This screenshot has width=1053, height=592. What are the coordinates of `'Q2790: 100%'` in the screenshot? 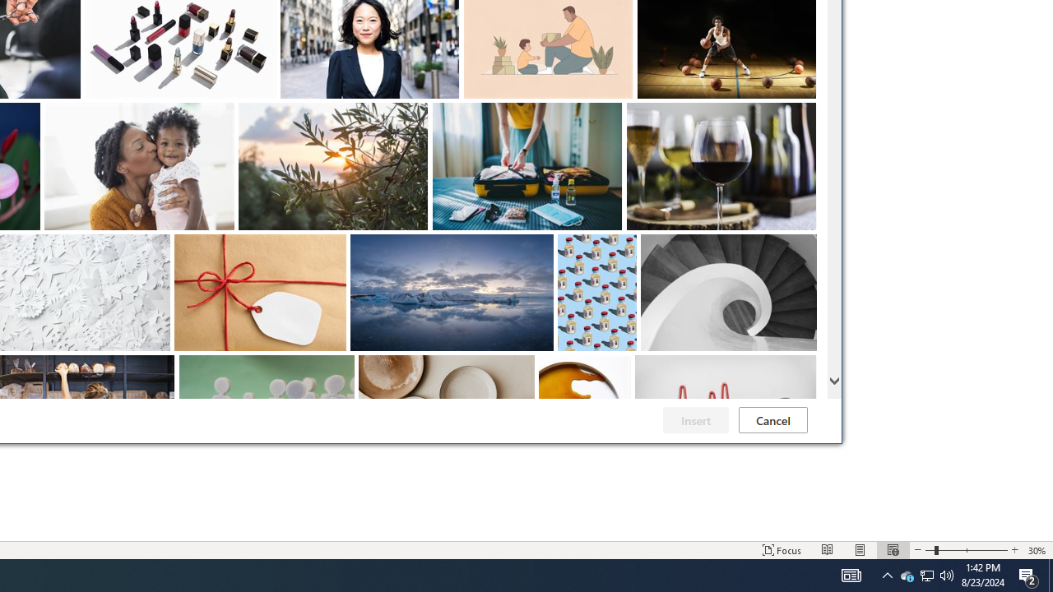 It's located at (927, 574).